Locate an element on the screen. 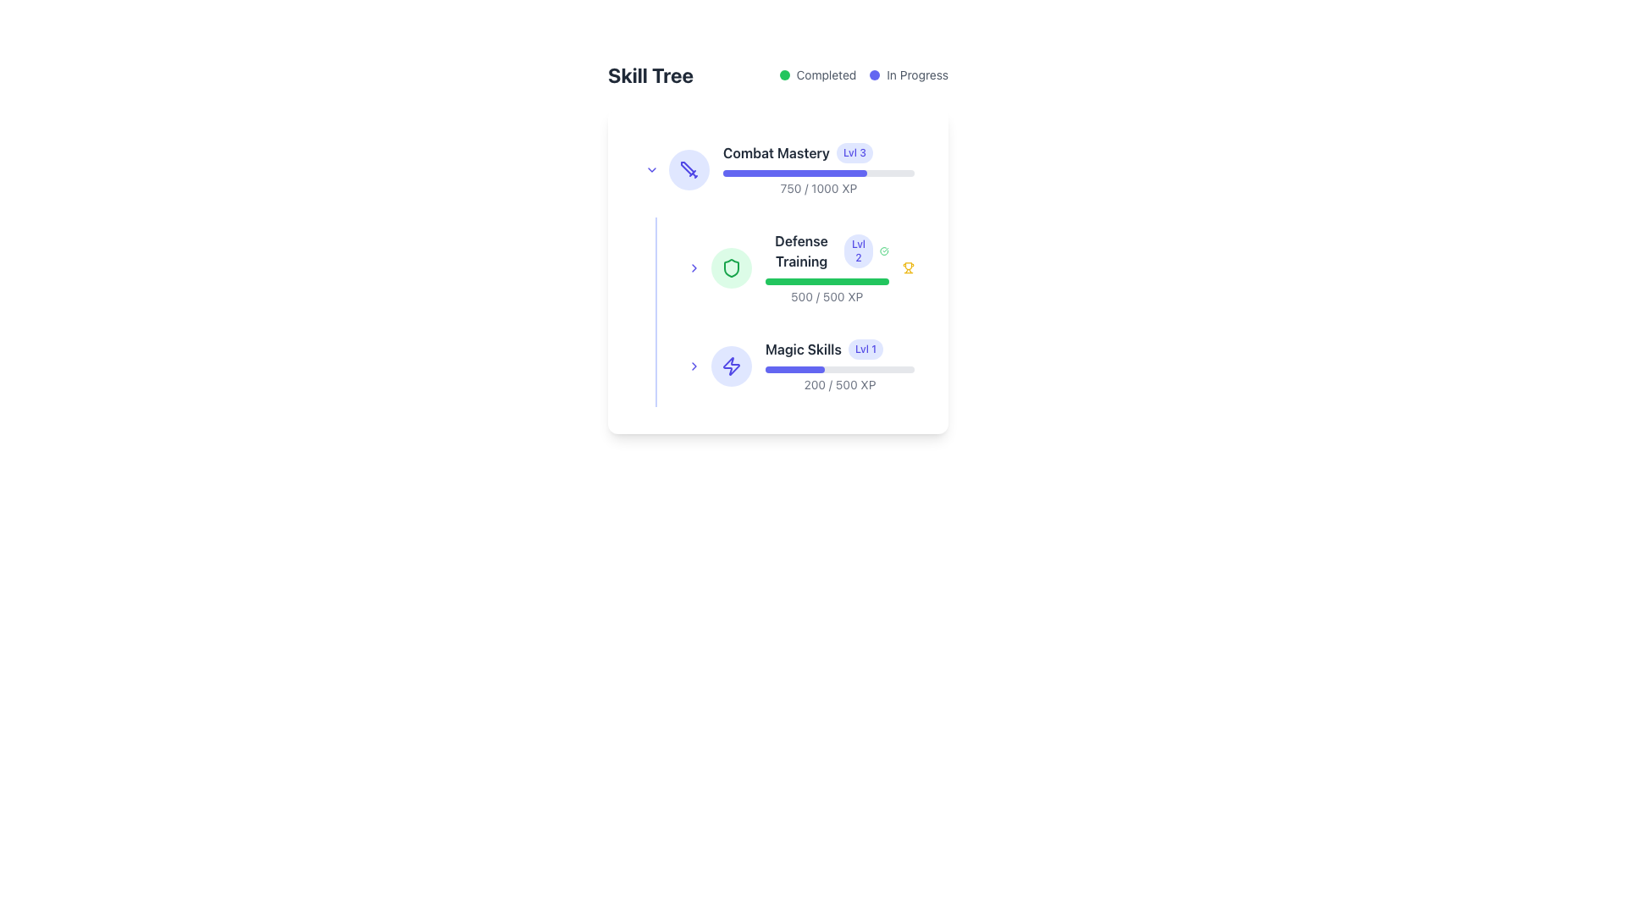  the small circular button with a right-pointing indigo chevron icon located to the left of the 'Magic Skills' text in the skill tree interface is located at coordinates (694, 365).